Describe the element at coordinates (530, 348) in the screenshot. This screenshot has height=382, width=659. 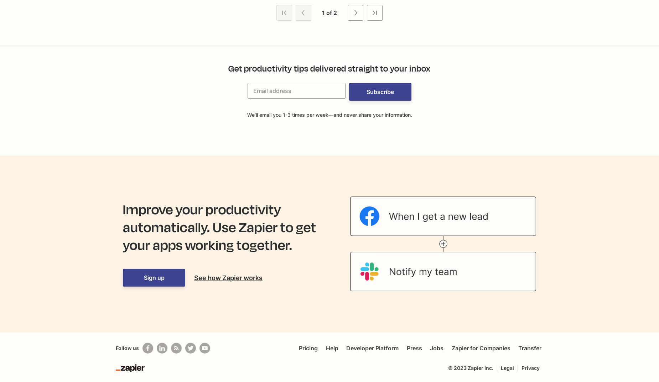
I see `'Transfer'` at that location.